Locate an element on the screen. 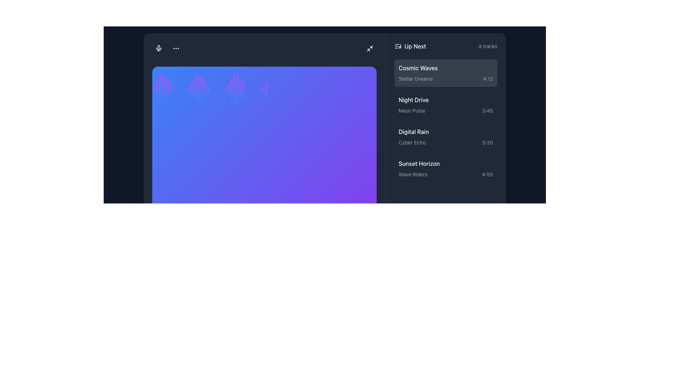  the thirty-first graphical bar in the sequence of vertical bars, which visually represents a segment or value within a graphical equalizer display is located at coordinates (243, 89).